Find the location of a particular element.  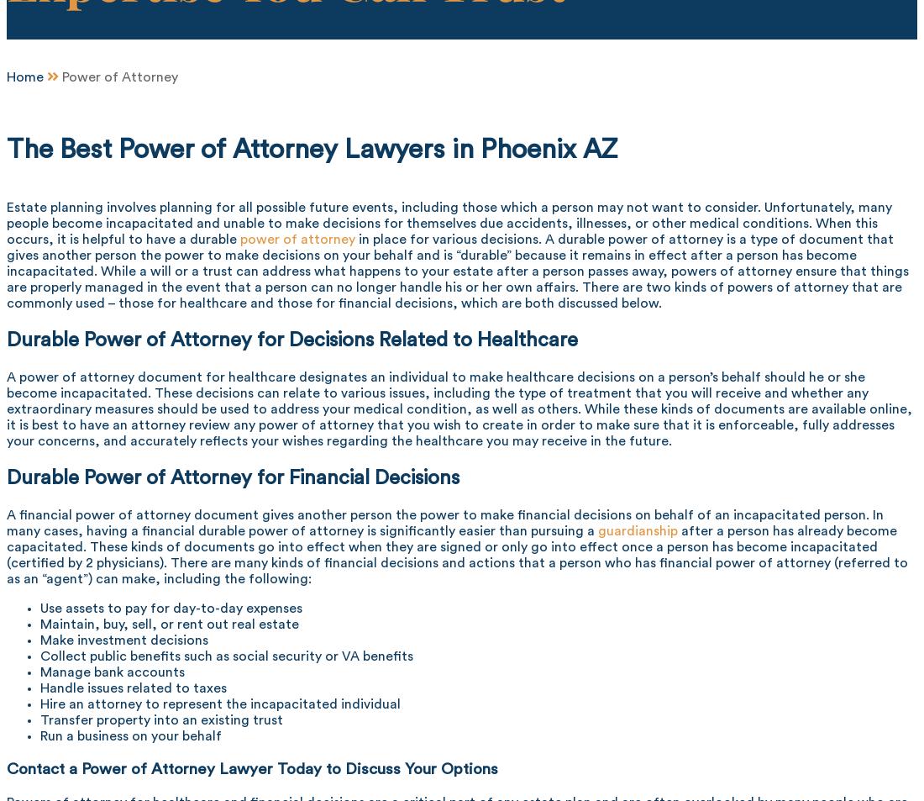

'Handle issues related to taxes' is located at coordinates (132, 687).